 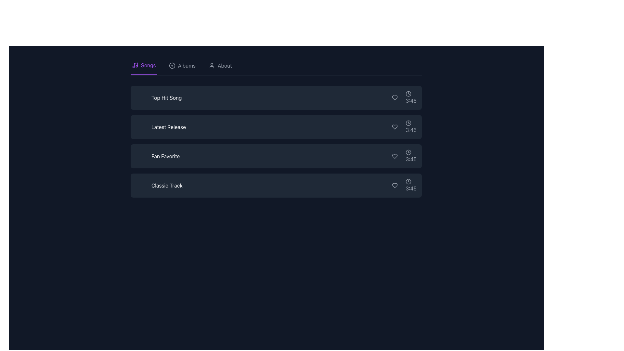 What do you see at coordinates (395, 127) in the screenshot?
I see `the interactive heart-shaped icon` at bounding box center [395, 127].